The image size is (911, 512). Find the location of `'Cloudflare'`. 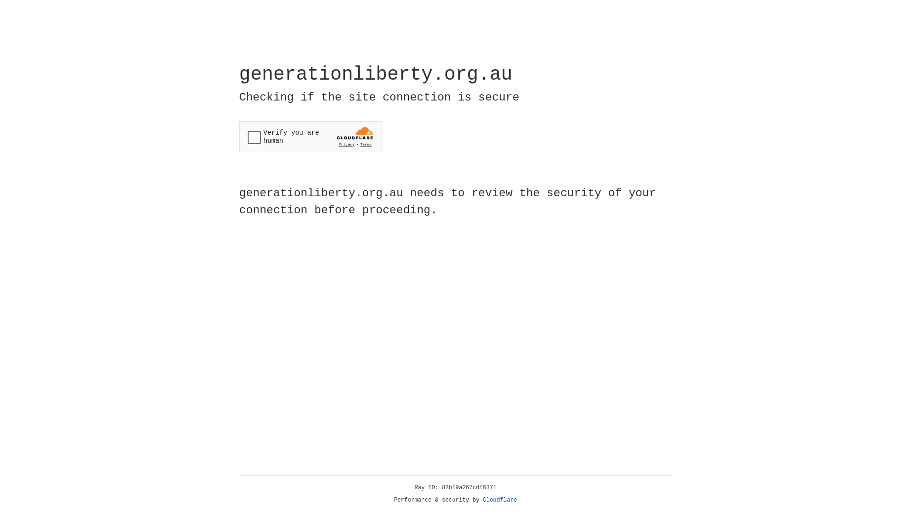

'Cloudflare' is located at coordinates (483, 500).